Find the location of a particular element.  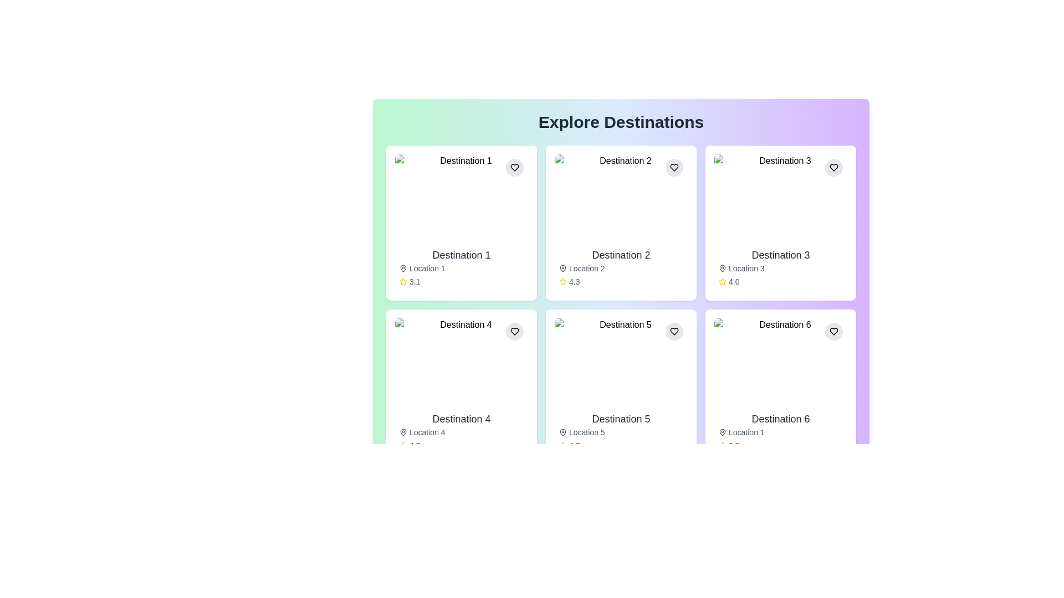

the heart icon within the favorite button in the top-right corner of the 'Destination 1' card is located at coordinates (514, 168).